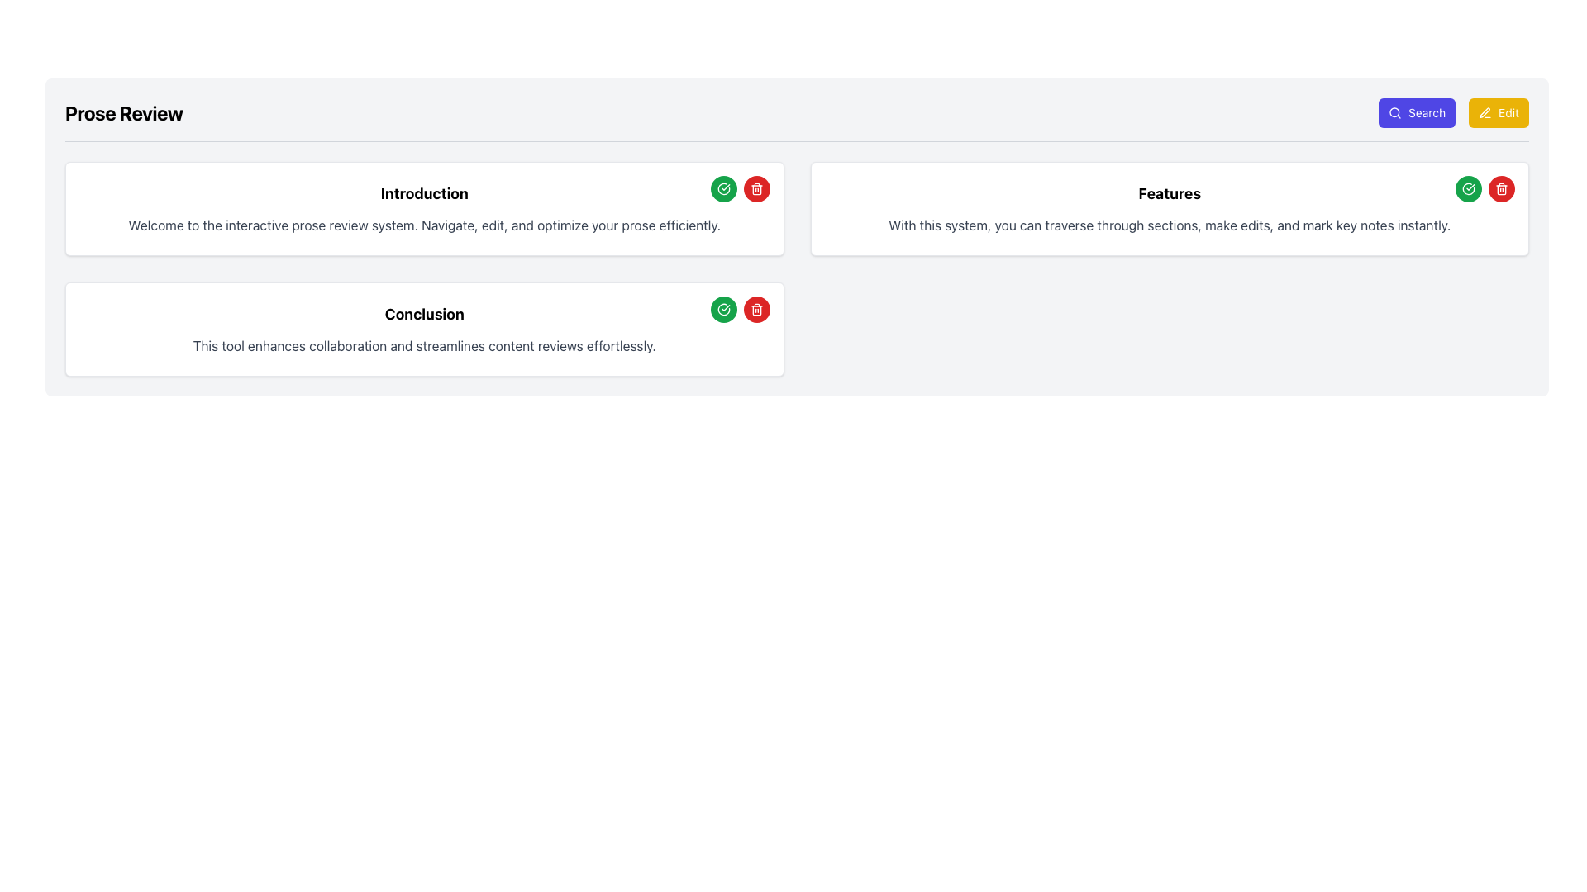  What do you see at coordinates (739, 309) in the screenshot?
I see `the green checkmark button in the Interactive button group located in the top-right corner of the 'Conclusion' card` at bounding box center [739, 309].